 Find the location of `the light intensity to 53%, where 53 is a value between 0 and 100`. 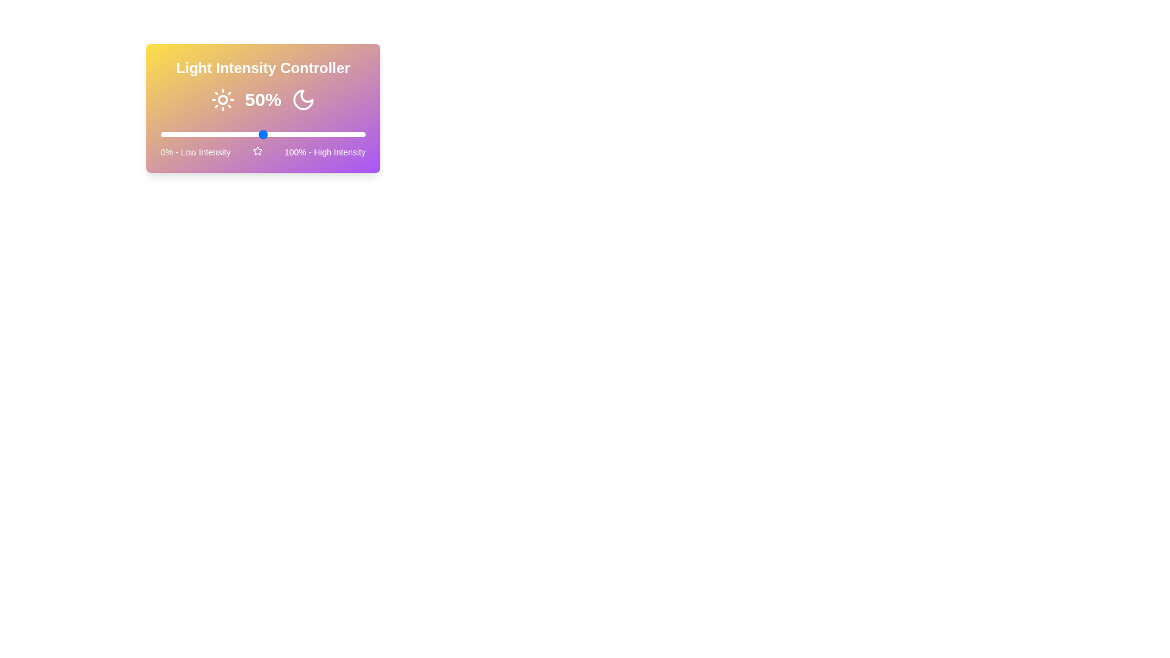

the light intensity to 53%, where 53 is a value between 0 and 100 is located at coordinates (268, 134).